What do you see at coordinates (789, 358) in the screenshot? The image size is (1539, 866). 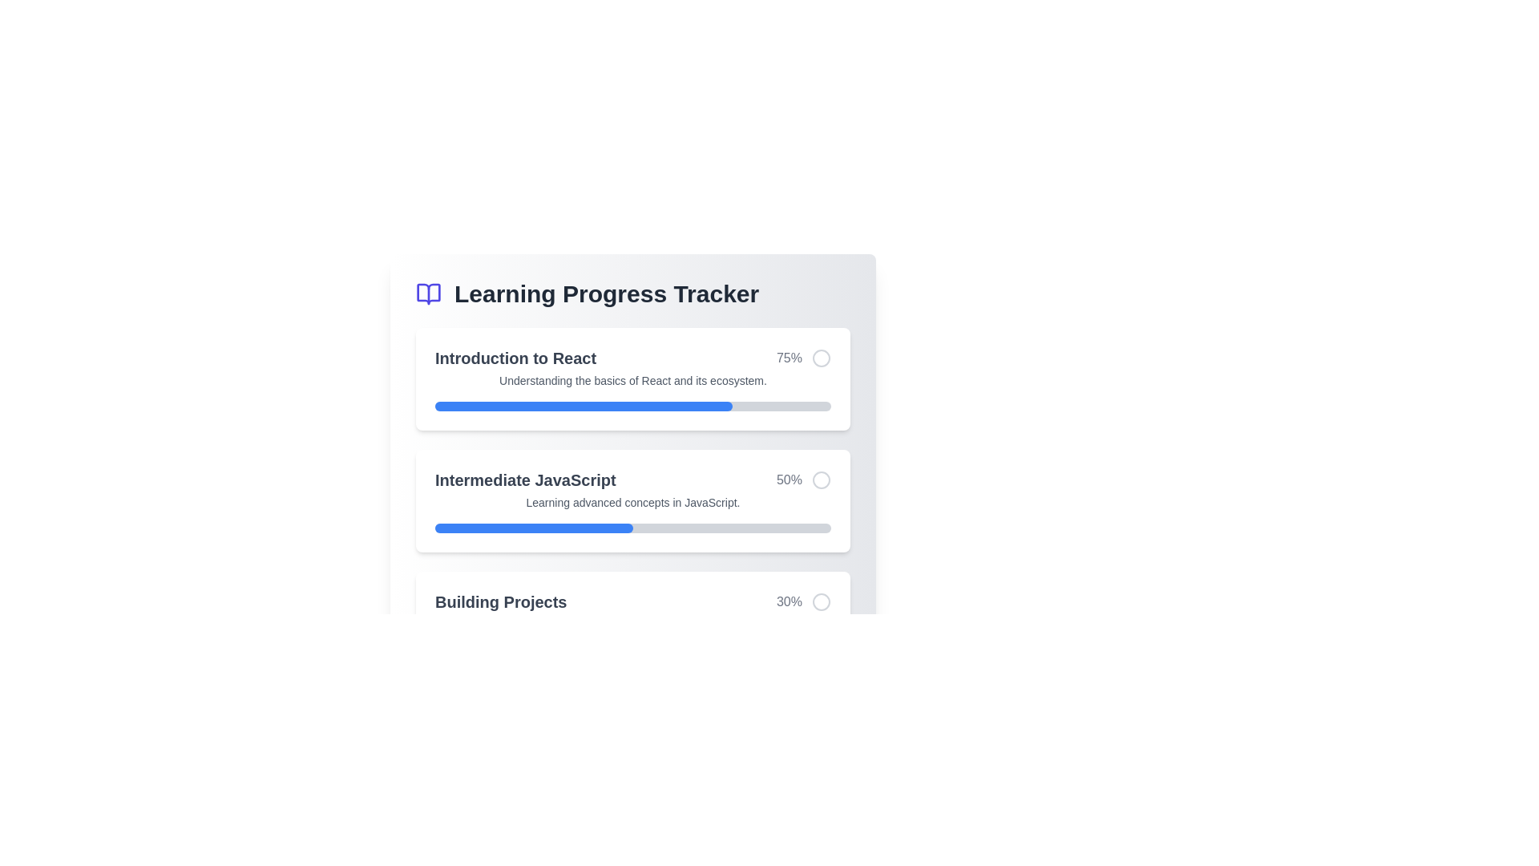 I see `the non-interactive Text Label displaying progress for the 'Introduction to React' section in the Learning Progress Tracker` at bounding box center [789, 358].